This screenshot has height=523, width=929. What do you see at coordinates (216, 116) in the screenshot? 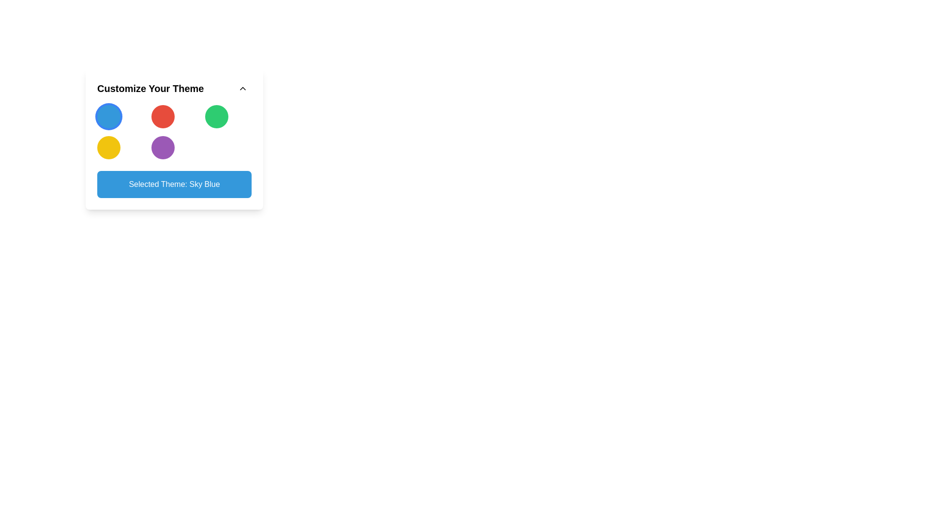
I see `the button representing the 'Forest Green' theme, located in the top row, third column of the grid layout of round colored buttons` at bounding box center [216, 116].